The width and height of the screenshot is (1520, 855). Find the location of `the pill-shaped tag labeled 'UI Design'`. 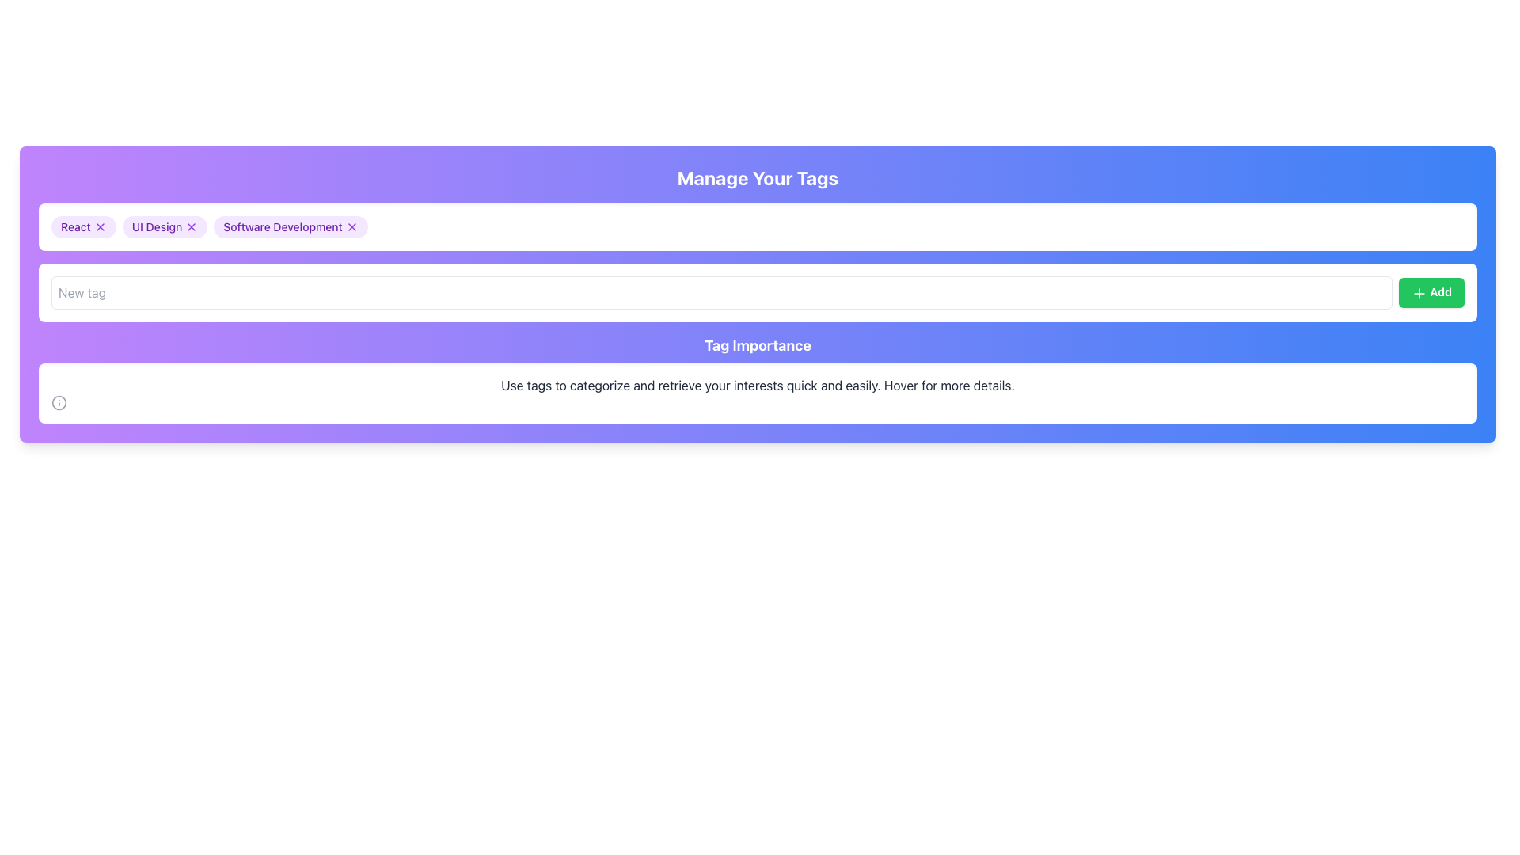

the pill-shaped tag labeled 'UI Design' is located at coordinates (165, 226).